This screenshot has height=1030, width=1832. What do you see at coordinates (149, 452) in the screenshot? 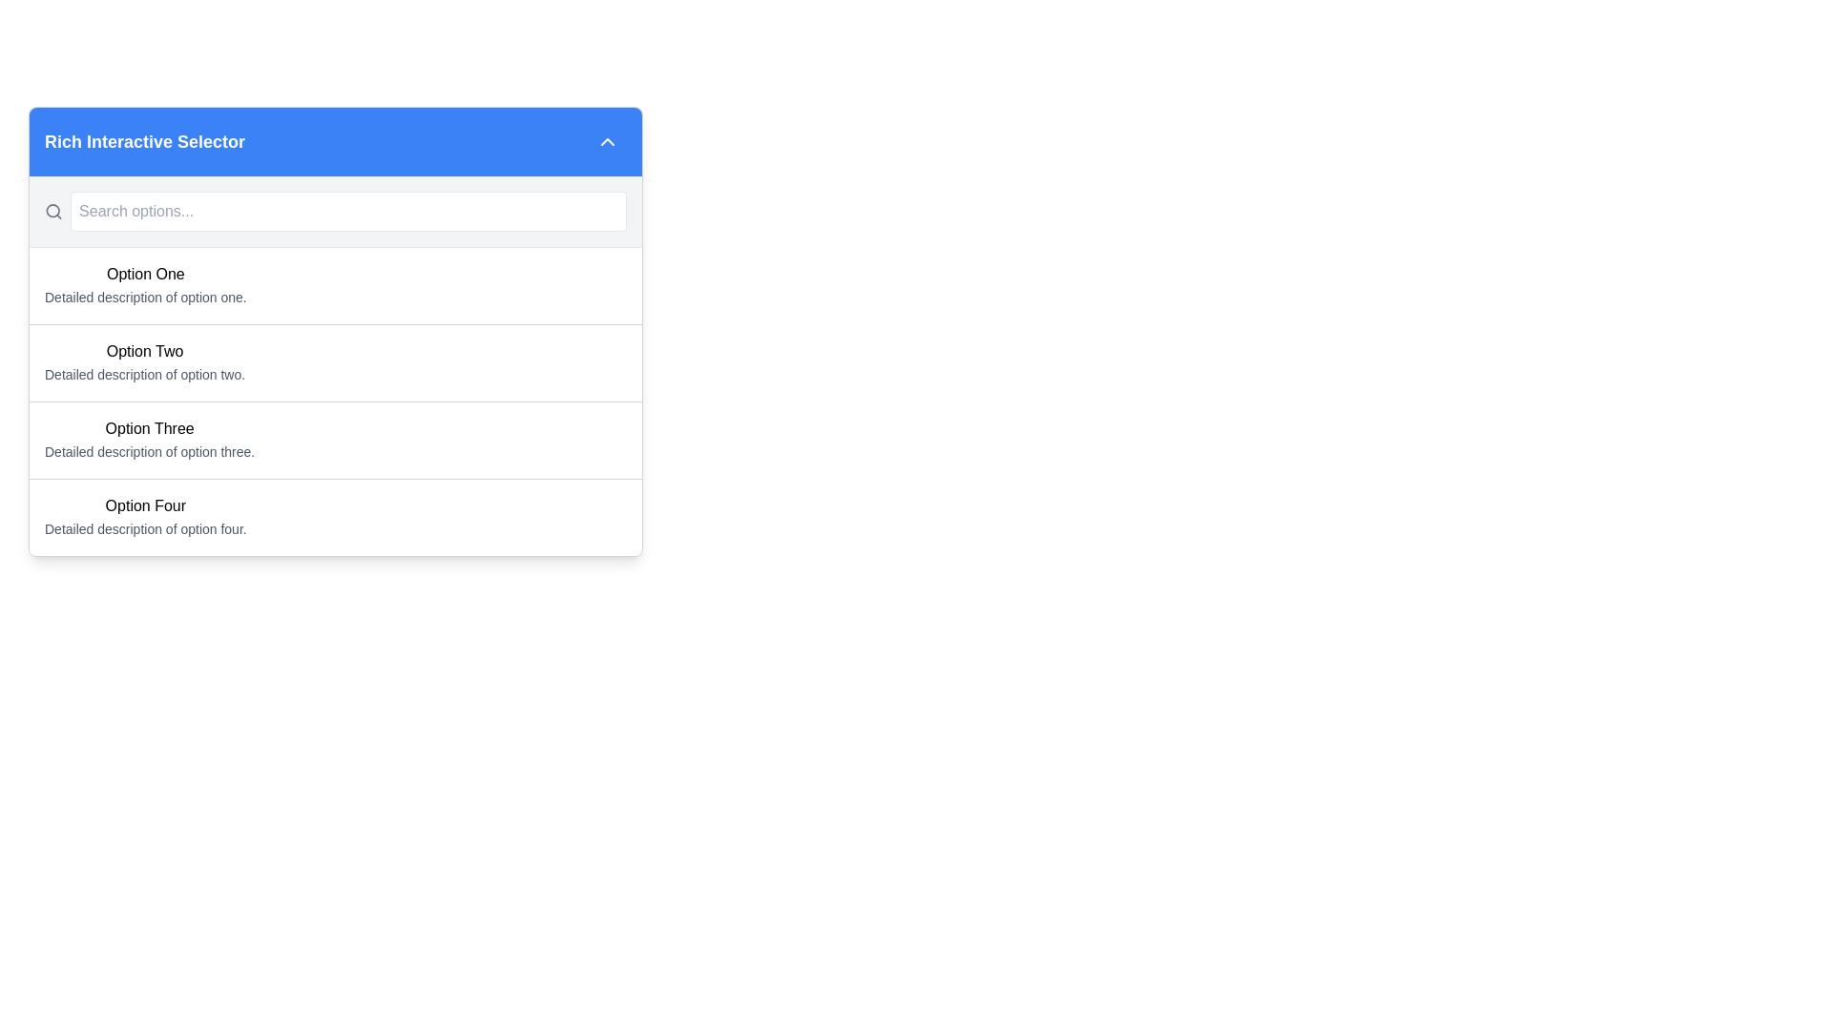
I see `text label that displays 'Detailed description of option three.', which is located directly below the 'Option Three' header in the third selectable option group of the menu` at bounding box center [149, 452].